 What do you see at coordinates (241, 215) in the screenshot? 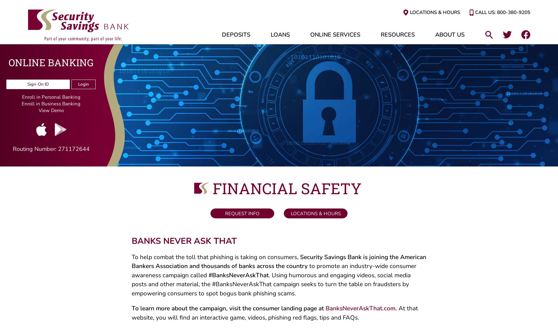
I see `'Request Info'` at bounding box center [241, 215].